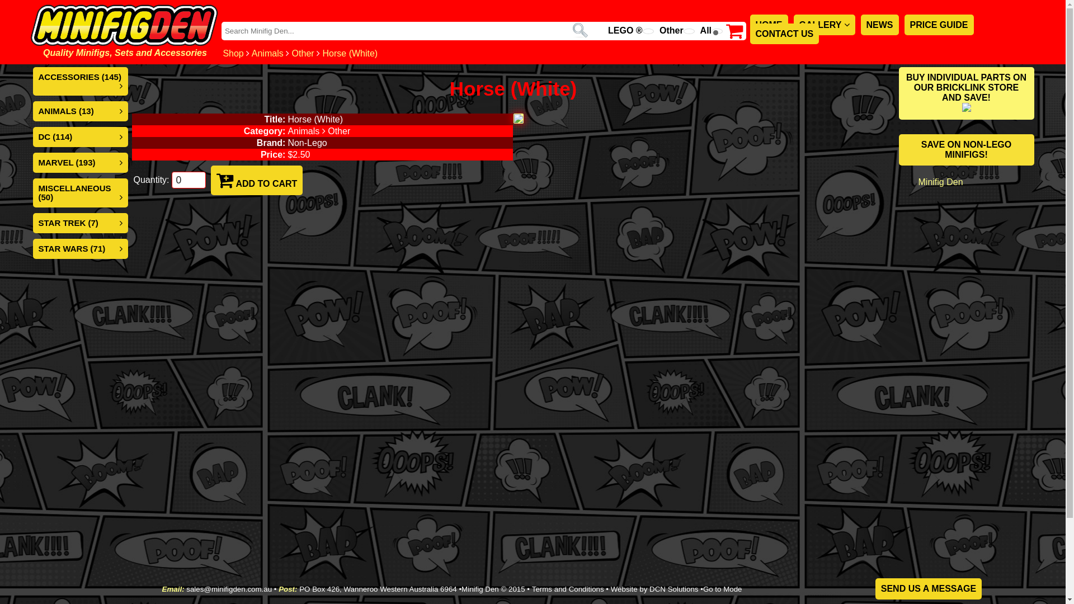  I want to click on 'Shop', so click(232, 53).